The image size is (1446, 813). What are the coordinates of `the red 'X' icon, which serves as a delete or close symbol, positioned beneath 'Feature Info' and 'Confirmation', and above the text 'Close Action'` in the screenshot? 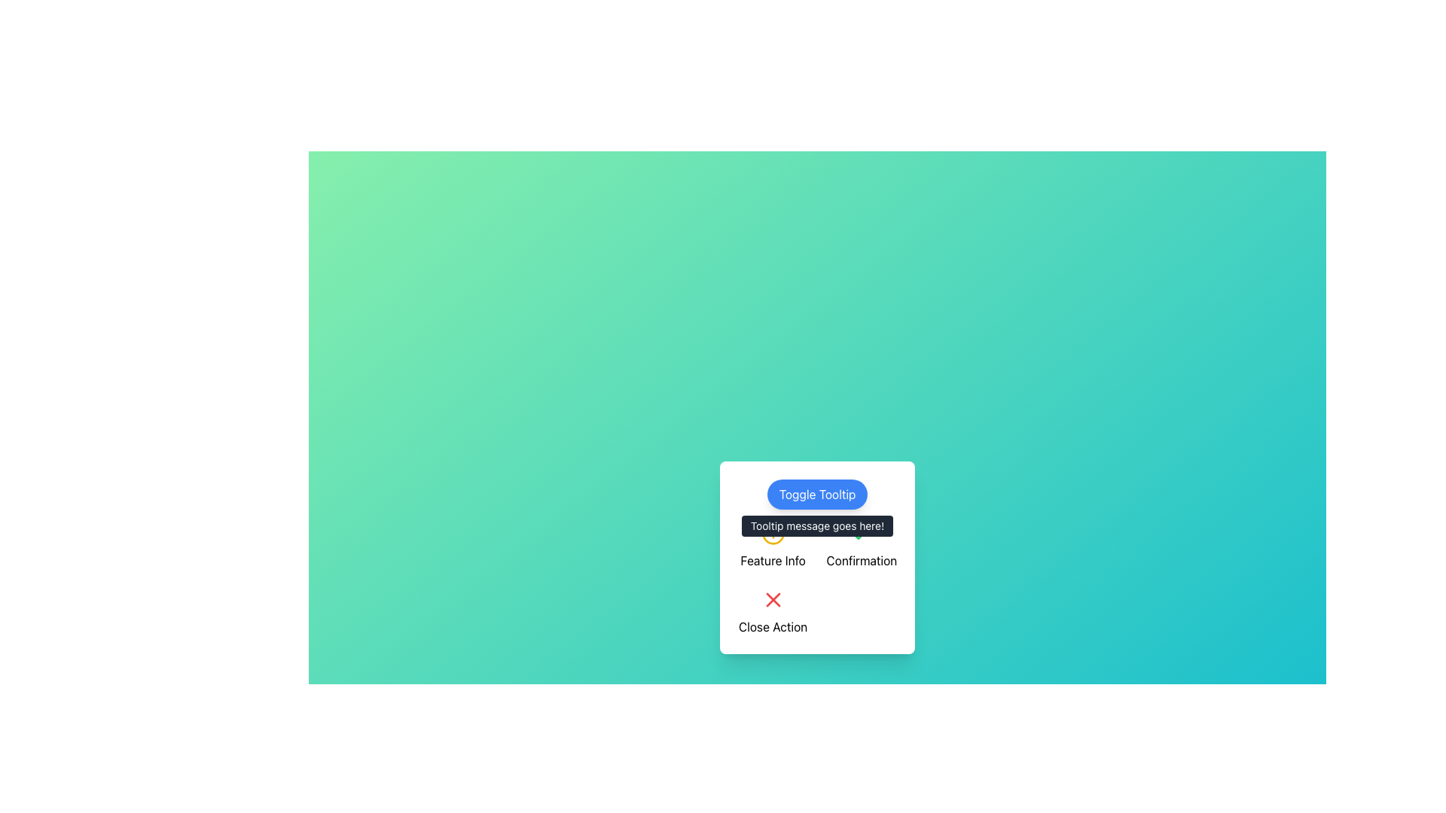 It's located at (773, 599).